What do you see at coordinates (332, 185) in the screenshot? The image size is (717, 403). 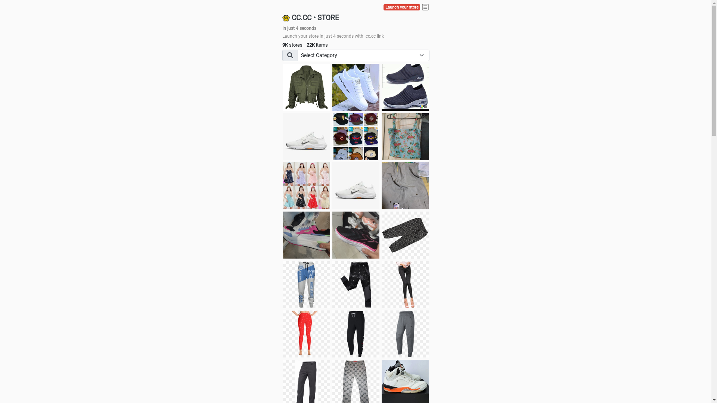 I see `'Shoes'` at bounding box center [332, 185].